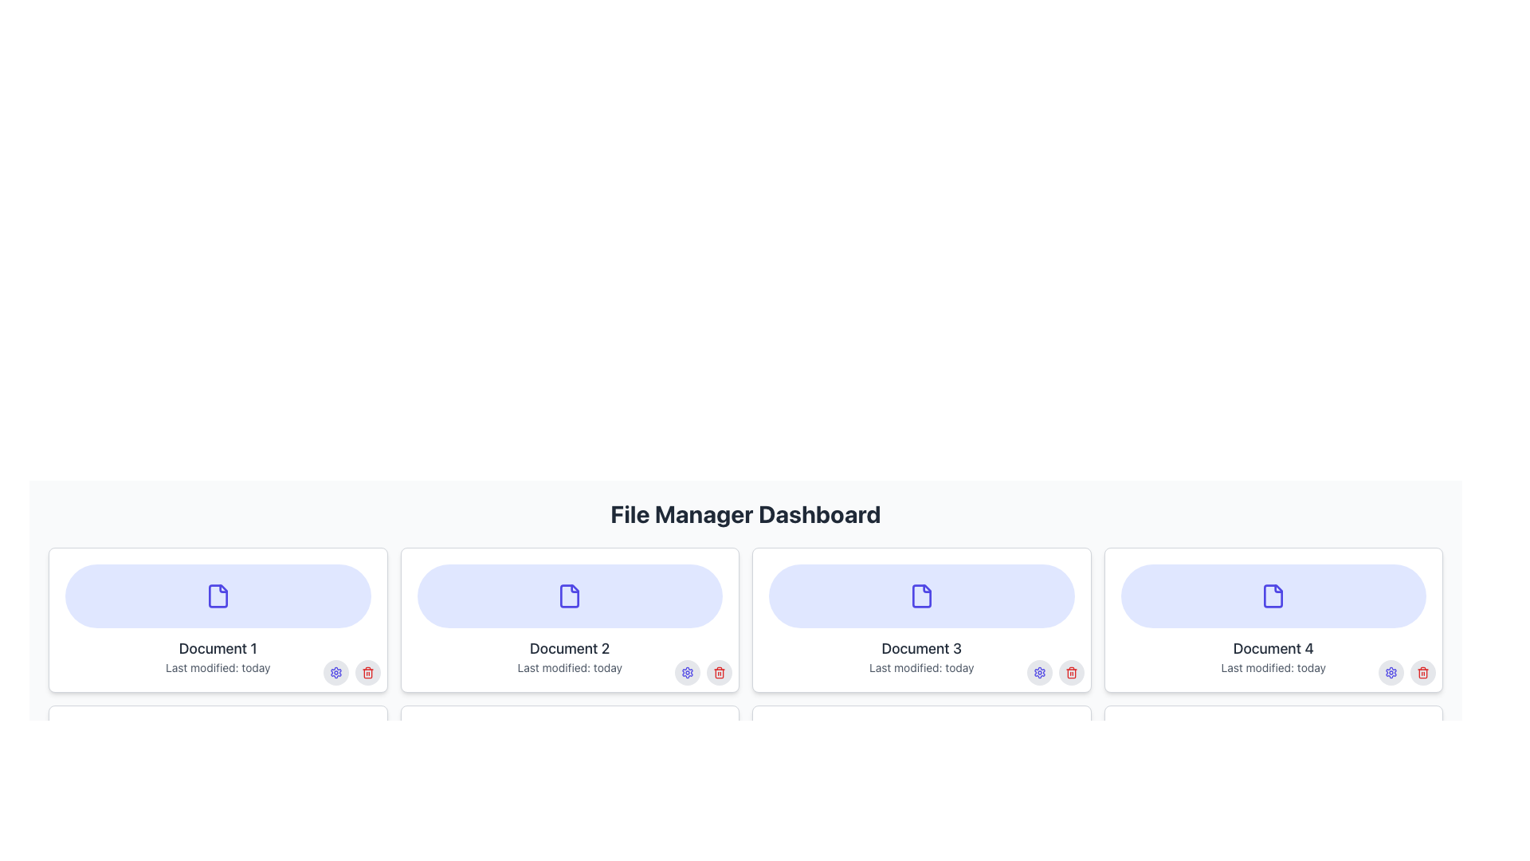 This screenshot has height=861, width=1530. What do you see at coordinates (688, 673) in the screenshot?
I see `the gear-shaped settings icon with a vibrant indigo color located in the lower-right corner of the 'Document 2' card beneath 'File Manager Dashboard'` at bounding box center [688, 673].